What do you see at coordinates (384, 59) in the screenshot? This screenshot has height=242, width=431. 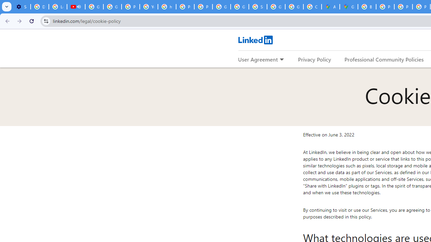 I see `'Professional Community Policies'` at bounding box center [384, 59].